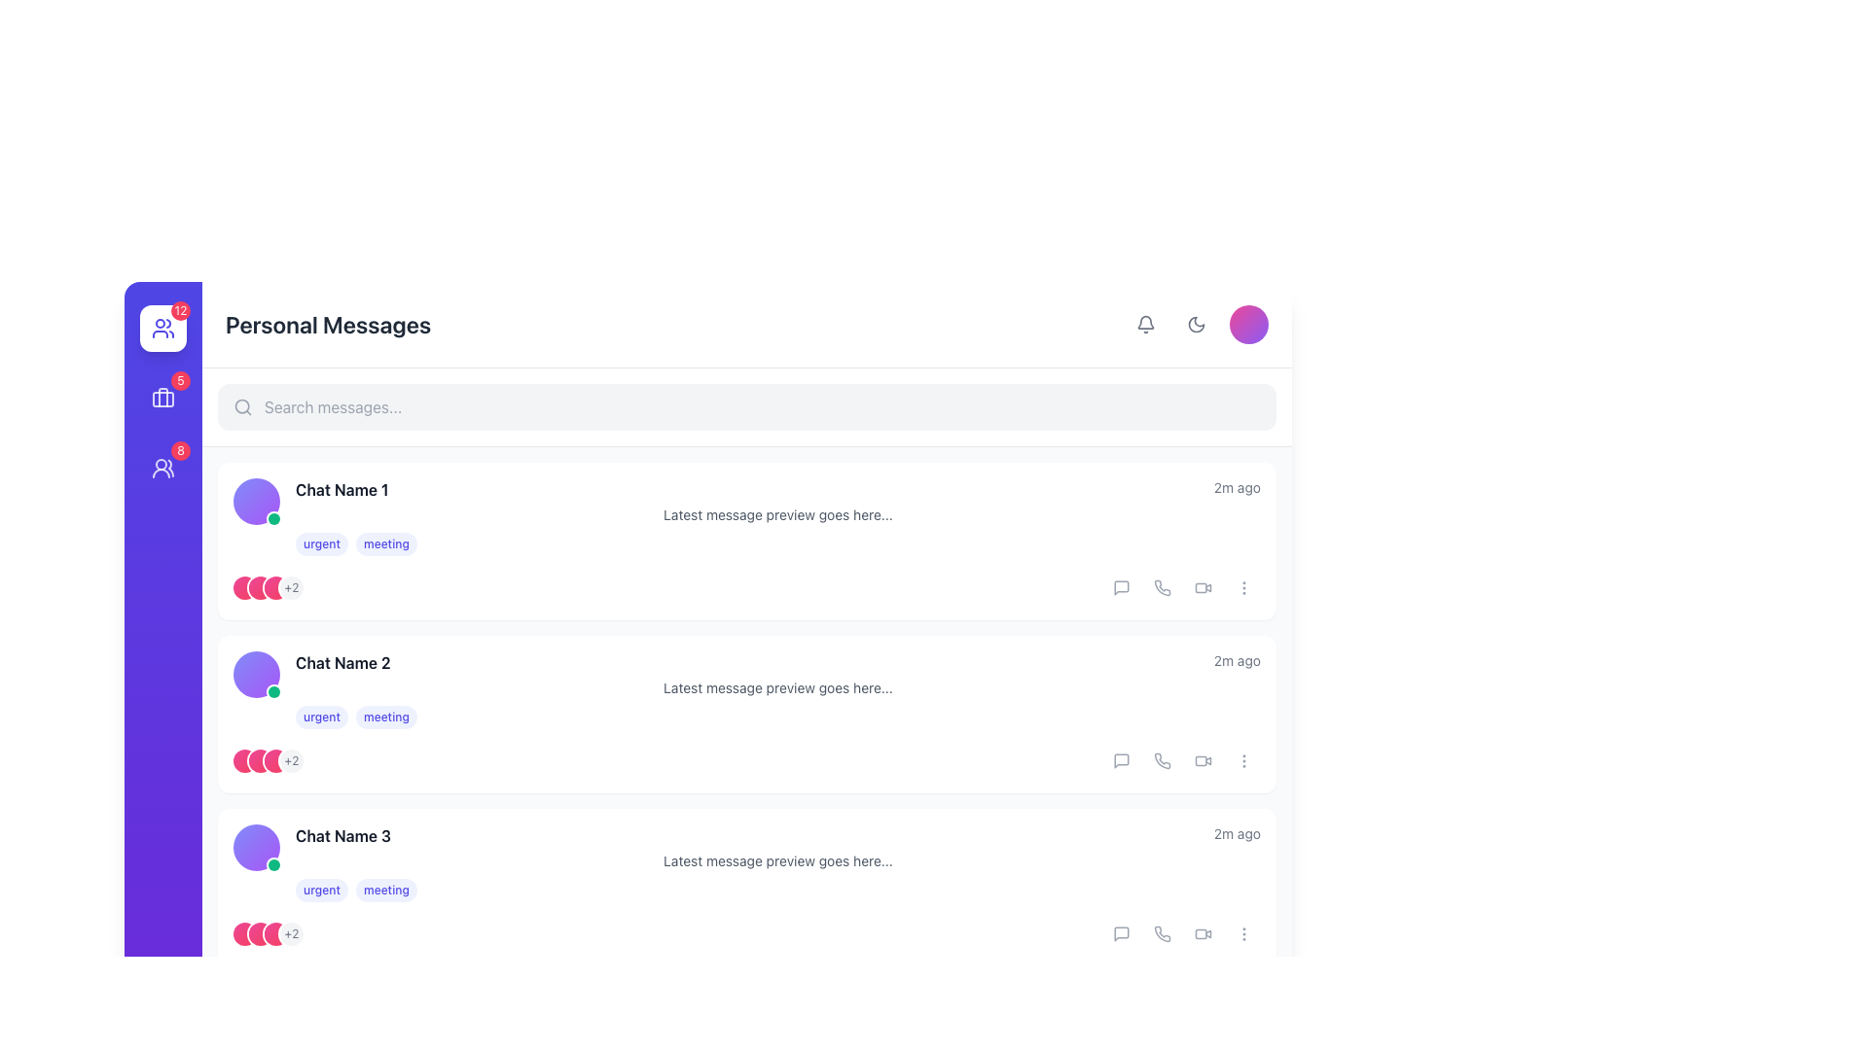 The width and height of the screenshot is (1868, 1050). I want to click on the second circular element with a gradient color transitioning from pink to rose, which is part of a group of three circles to the left of a '+2' text badge in the 'Chat Name 3' section, so click(260, 932).